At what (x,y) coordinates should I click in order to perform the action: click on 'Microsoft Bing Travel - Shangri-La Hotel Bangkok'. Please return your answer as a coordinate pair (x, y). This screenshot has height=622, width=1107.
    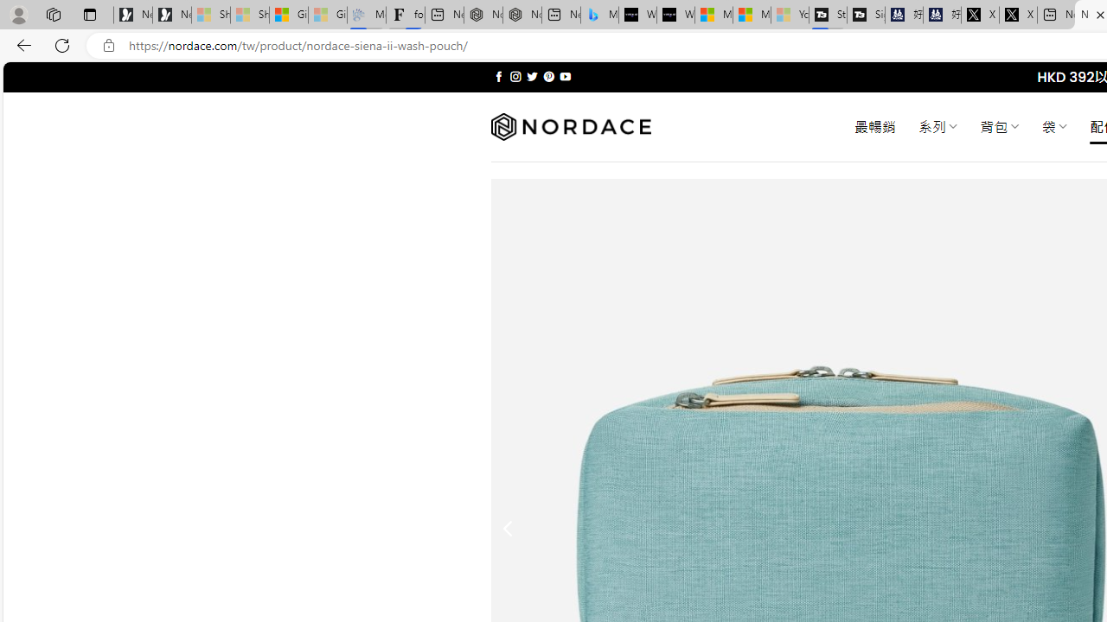
    Looking at the image, I should click on (599, 15).